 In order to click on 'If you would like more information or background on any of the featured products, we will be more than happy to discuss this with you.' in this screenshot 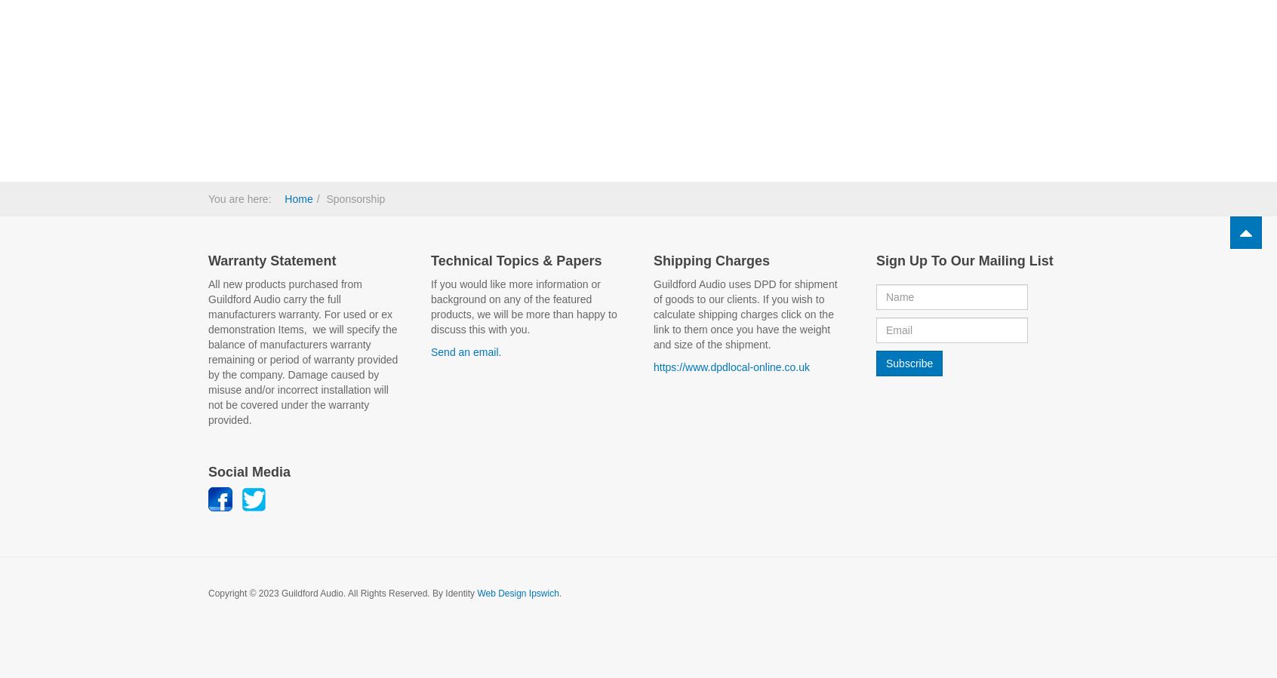, I will do `click(524, 305)`.